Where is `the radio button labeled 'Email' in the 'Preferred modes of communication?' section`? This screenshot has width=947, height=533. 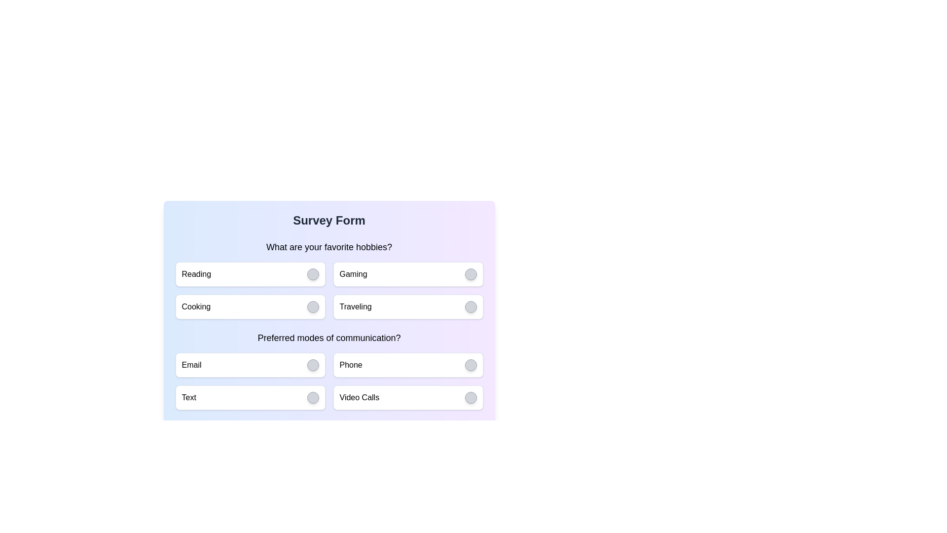
the radio button labeled 'Email' in the 'Preferred modes of communication?' section is located at coordinates (250, 365).